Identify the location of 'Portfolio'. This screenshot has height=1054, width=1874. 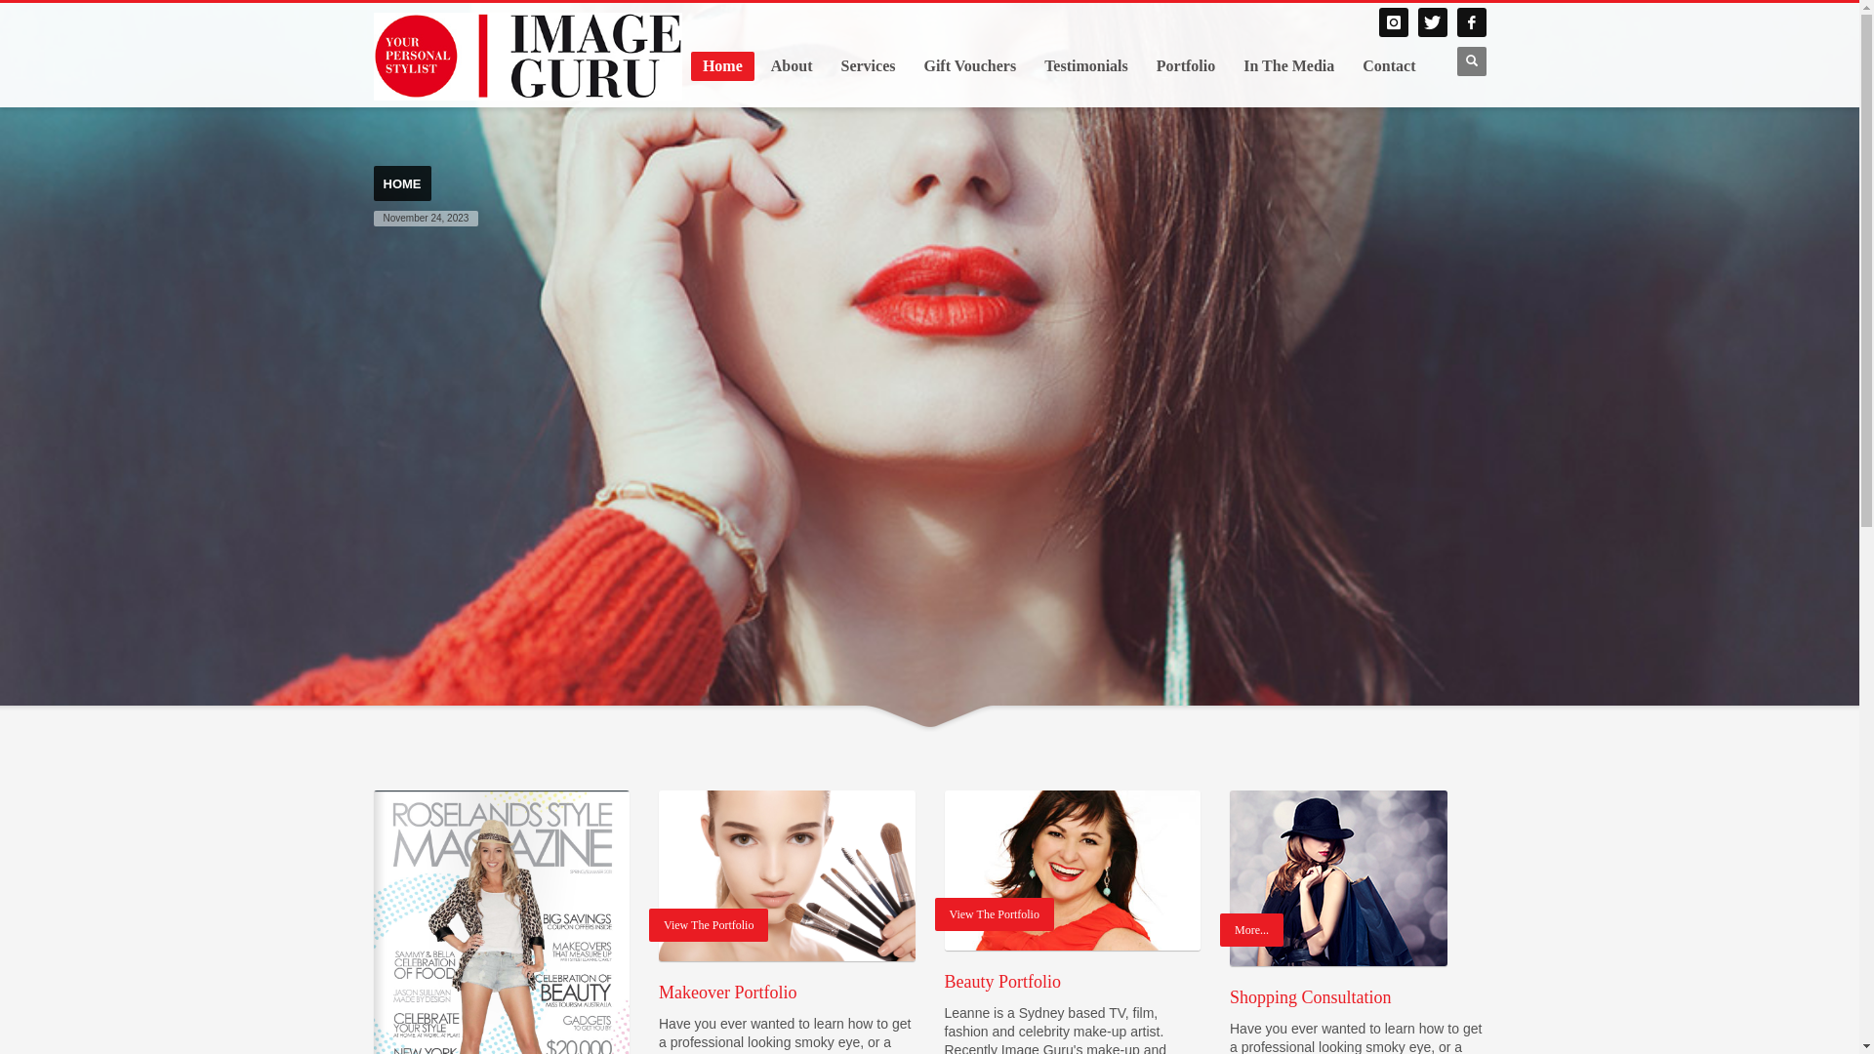
(1184, 65).